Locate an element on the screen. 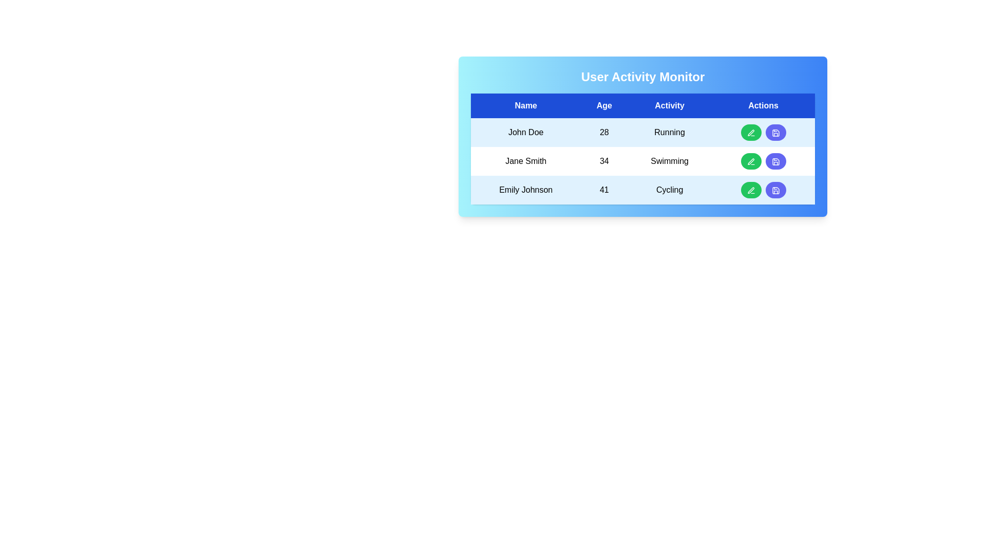  the save button for the John Doe row is located at coordinates (775, 132).